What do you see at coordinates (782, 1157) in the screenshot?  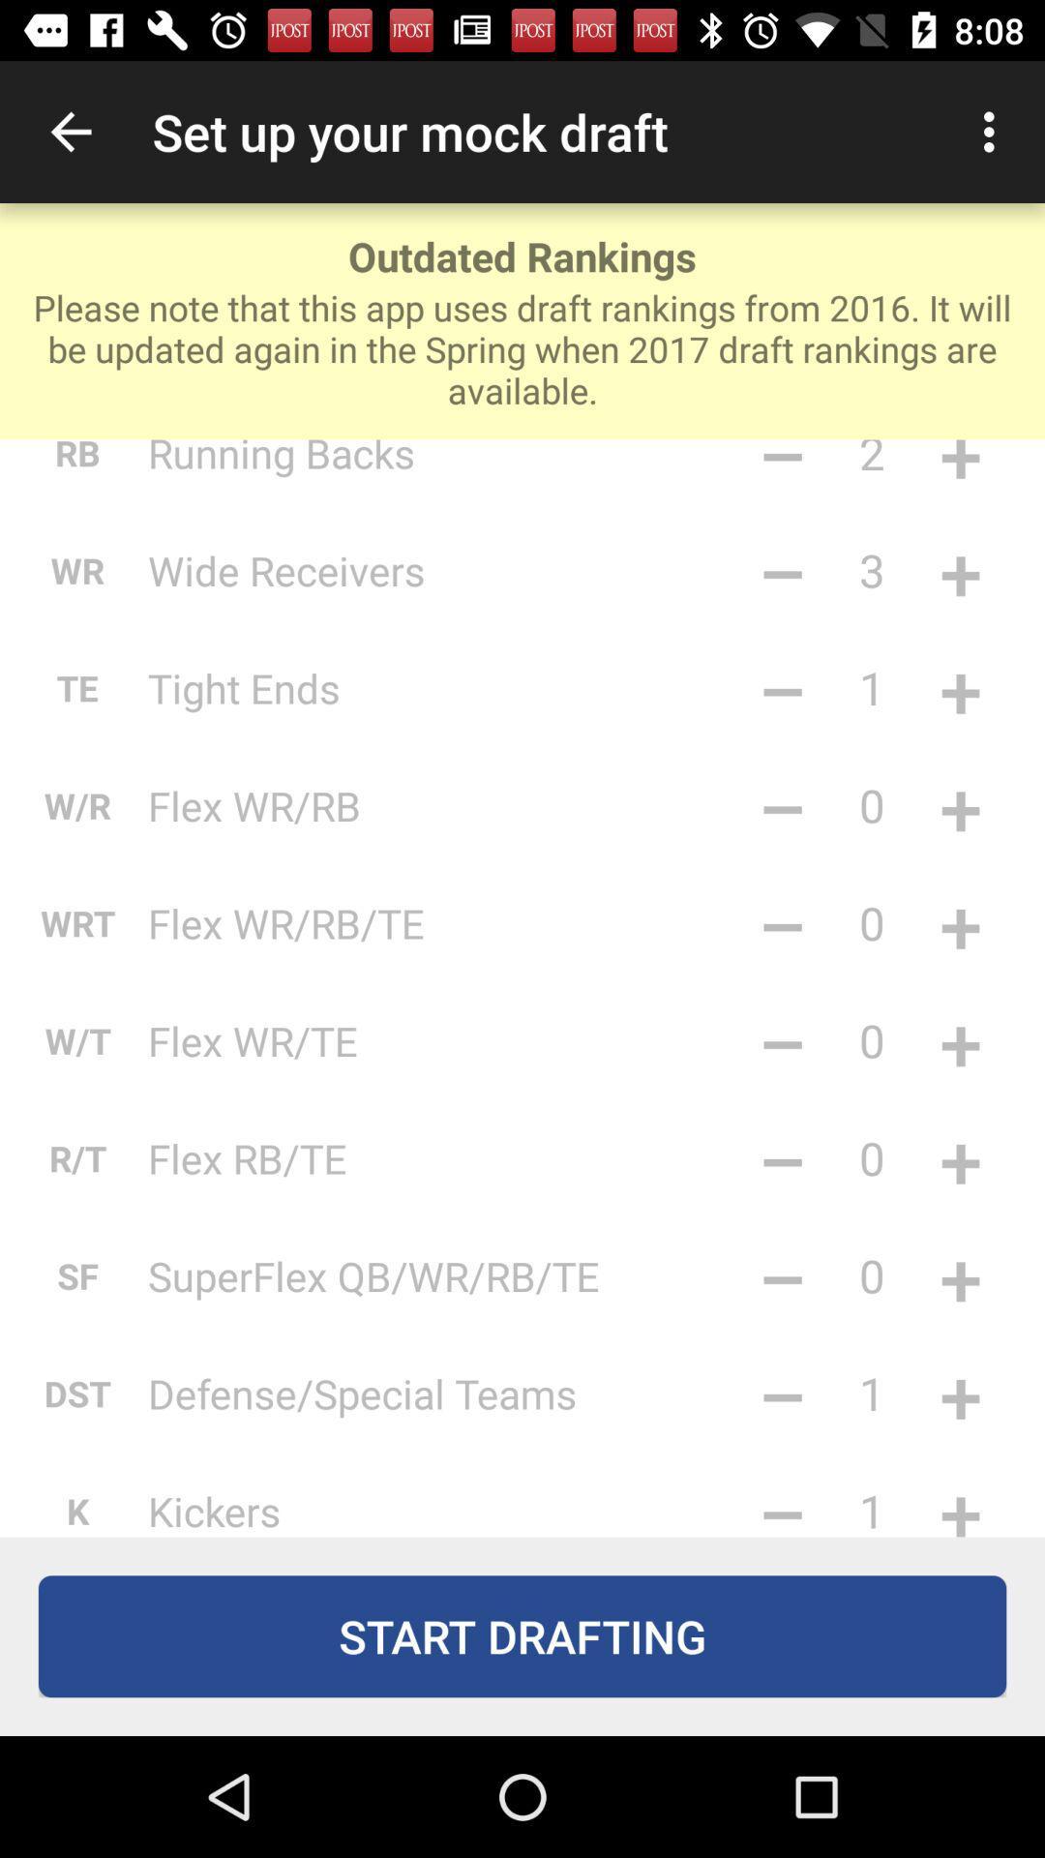 I see `the item next to 0` at bounding box center [782, 1157].